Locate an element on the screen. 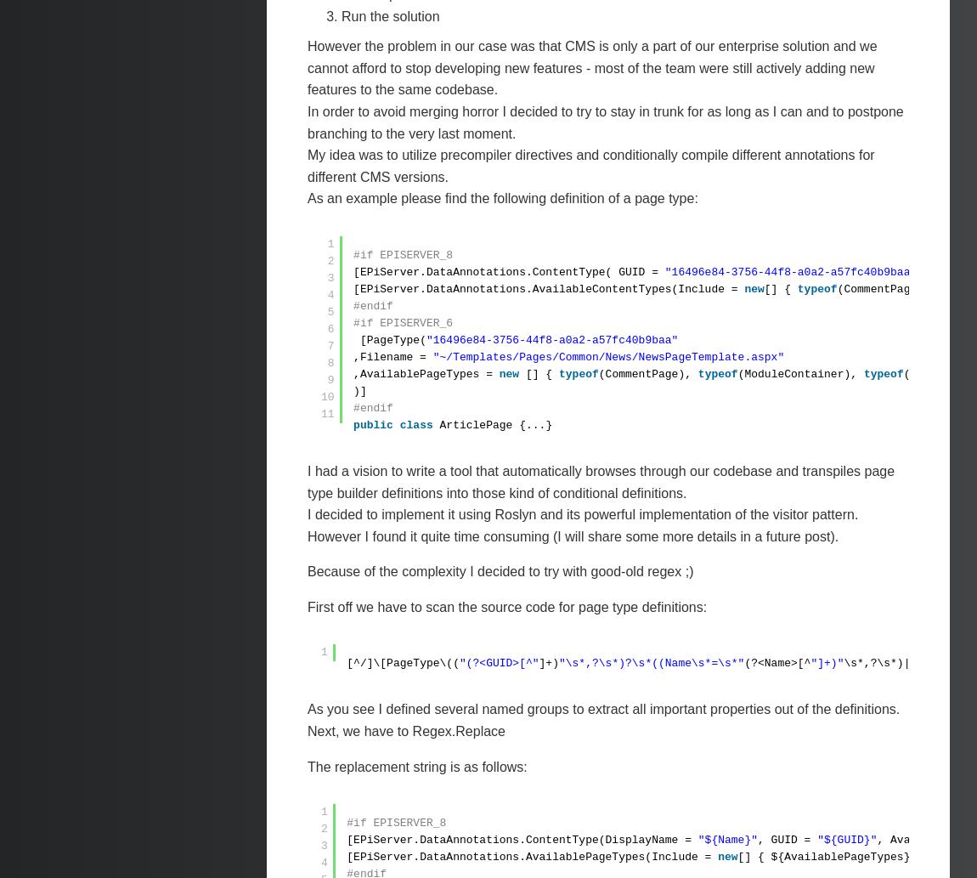  'Because of the complexity I decided to try with good-old regex ;)' is located at coordinates (500, 570).